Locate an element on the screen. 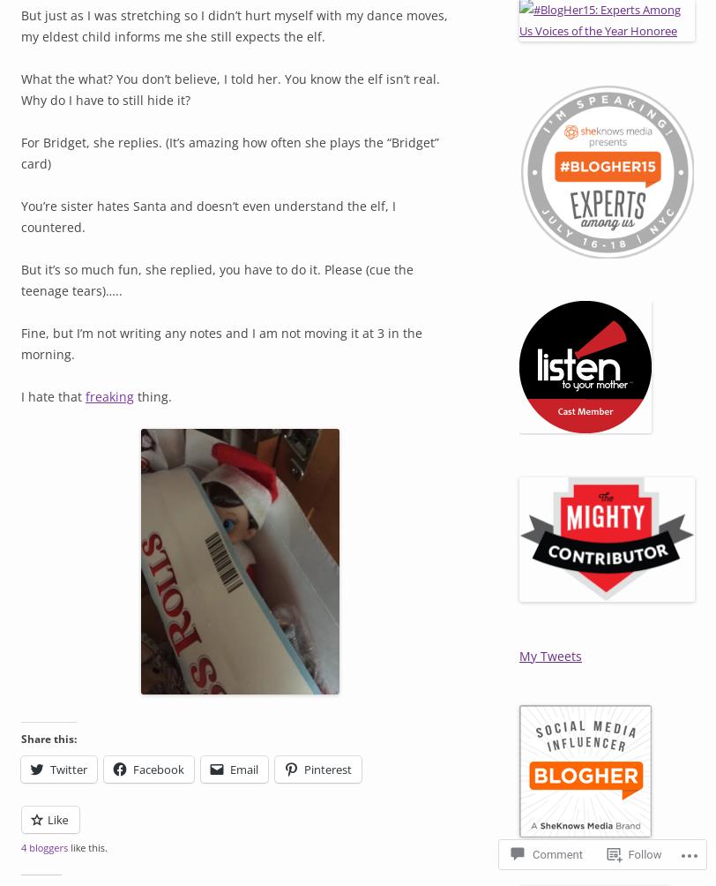 This screenshot has width=716, height=886. 'What the what? You don’t believe, I told her. You know the elf isn’t real. Why do I have to still hide it?' is located at coordinates (230, 88).